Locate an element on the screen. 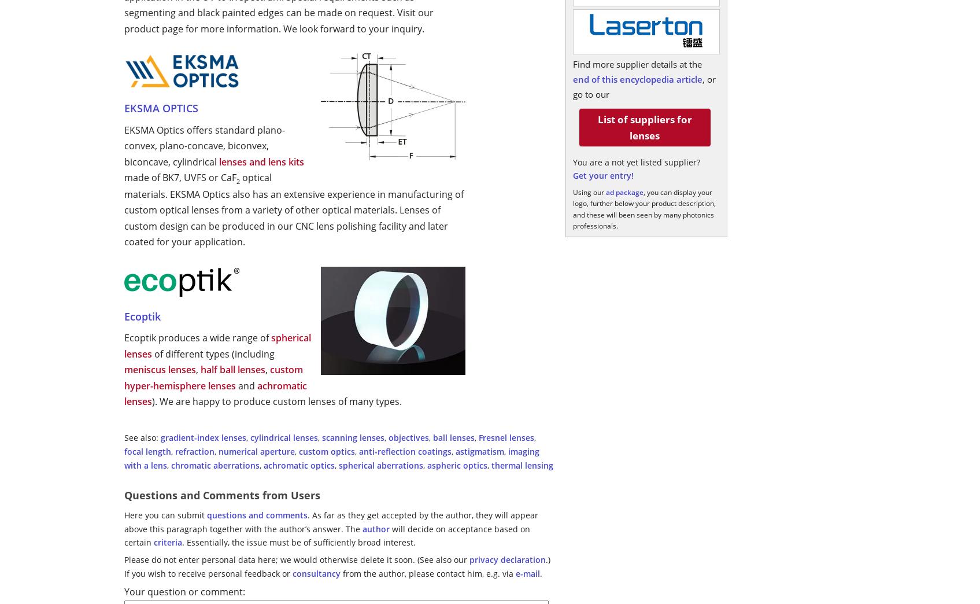 The height and width of the screenshot is (604, 980). 'of different types (including' is located at coordinates (152, 353).